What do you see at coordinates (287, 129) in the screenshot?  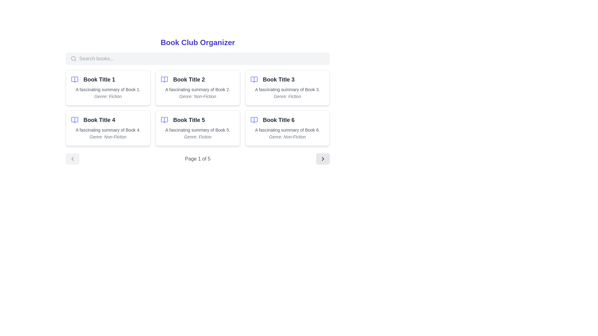 I see `the text element reading 'A fascinating summary of Book 6.' which is styled in gray and located within the card for Book Title 6` at bounding box center [287, 129].